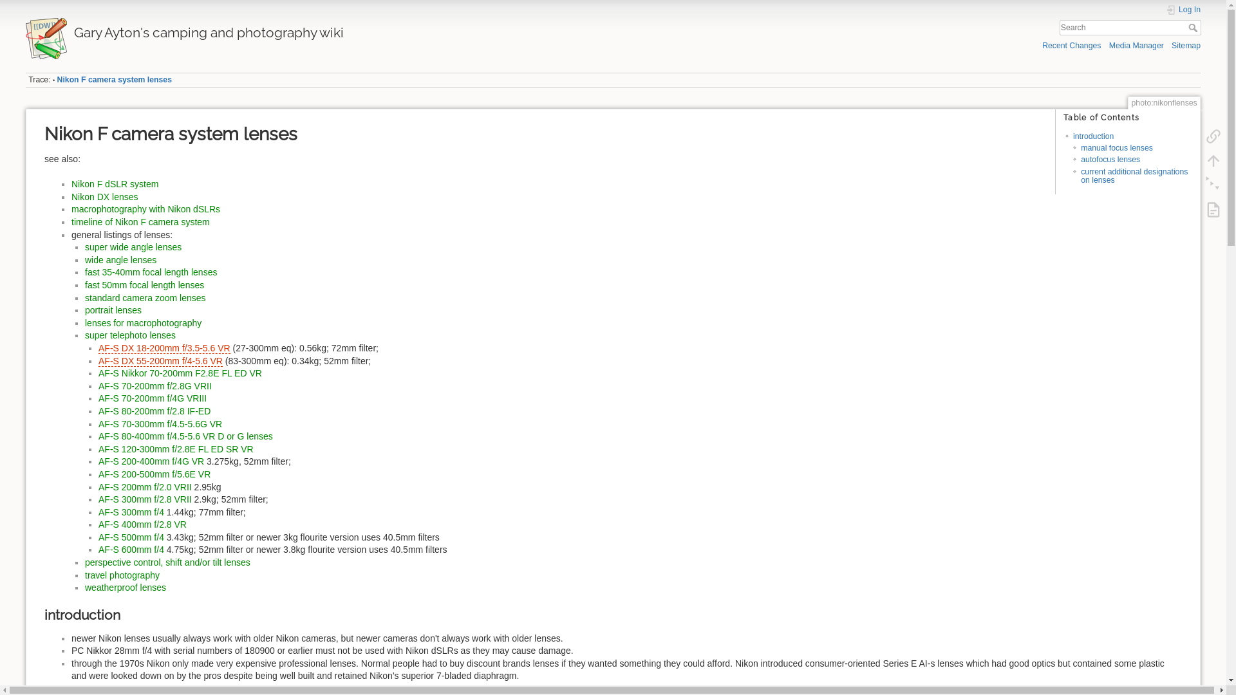 Image resolution: width=1236 pixels, height=695 pixels. What do you see at coordinates (185, 436) in the screenshot?
I see `'AF-S 80-400mm f/4.5-5.6 VR D or G lenses'` at bounding box center [185, 436].